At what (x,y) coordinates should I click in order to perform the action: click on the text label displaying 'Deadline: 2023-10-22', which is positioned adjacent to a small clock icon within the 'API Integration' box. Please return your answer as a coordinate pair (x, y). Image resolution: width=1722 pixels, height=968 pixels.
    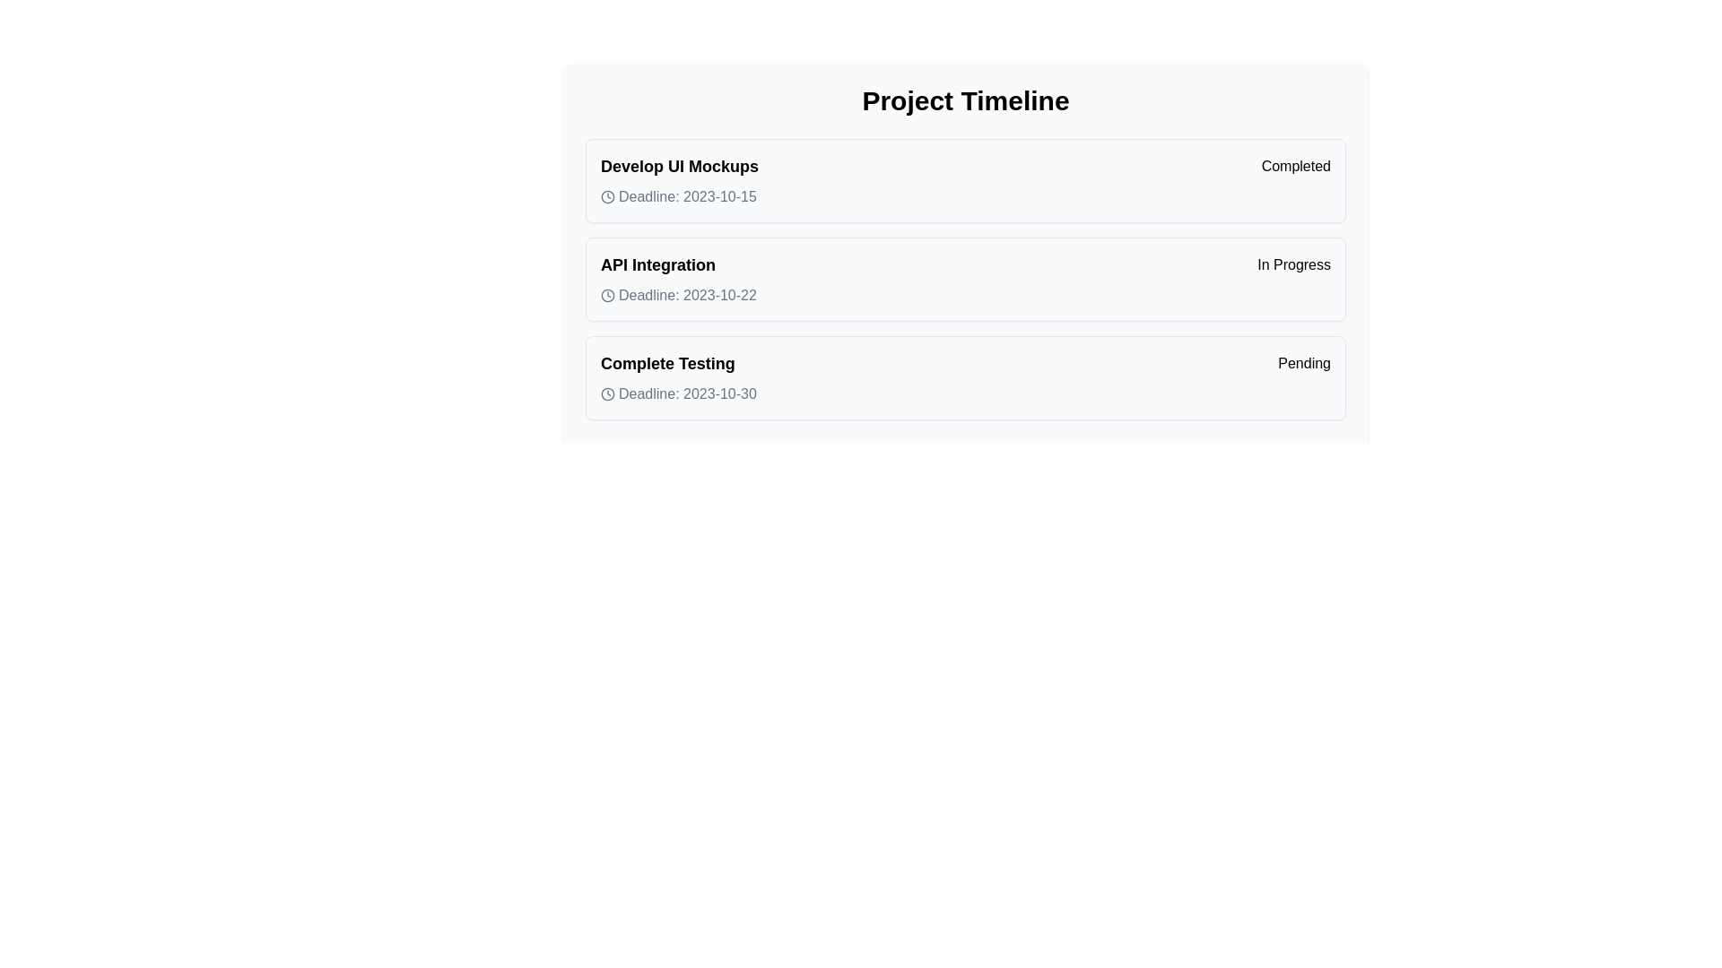
    Looking at the image, I should click on (687, 295).